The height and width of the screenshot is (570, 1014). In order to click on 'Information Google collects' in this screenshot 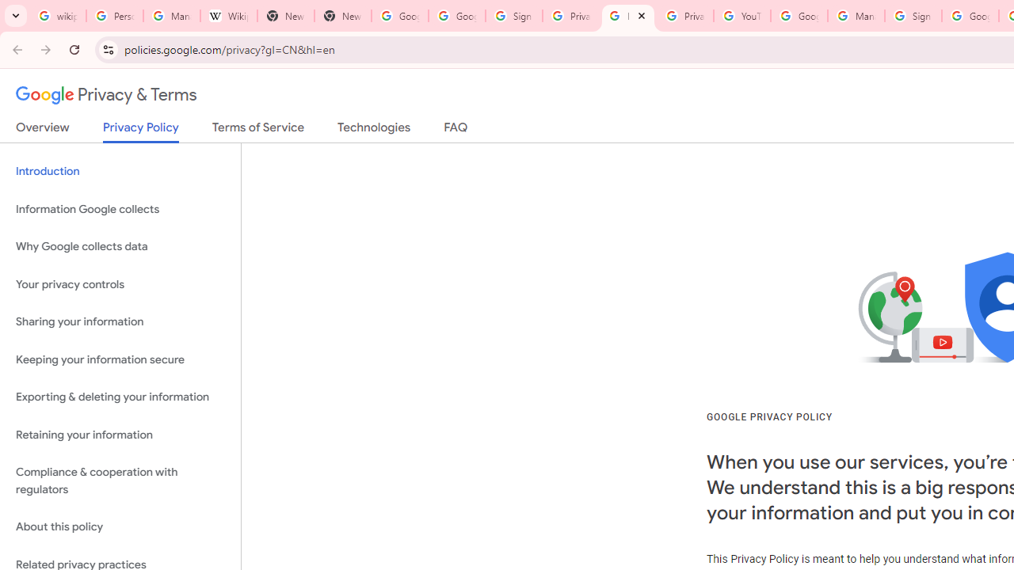, I will do `click(120, 208)`.